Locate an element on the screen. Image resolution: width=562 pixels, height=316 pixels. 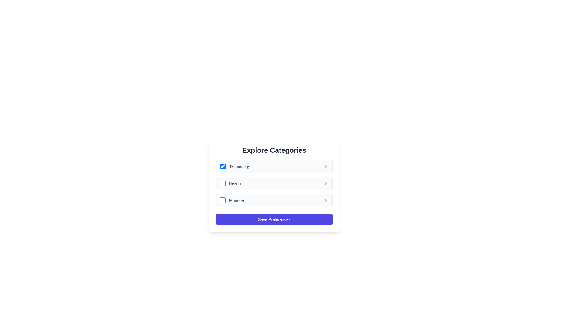
the 'Save Preferences' button is located at coordinates (274, 219).